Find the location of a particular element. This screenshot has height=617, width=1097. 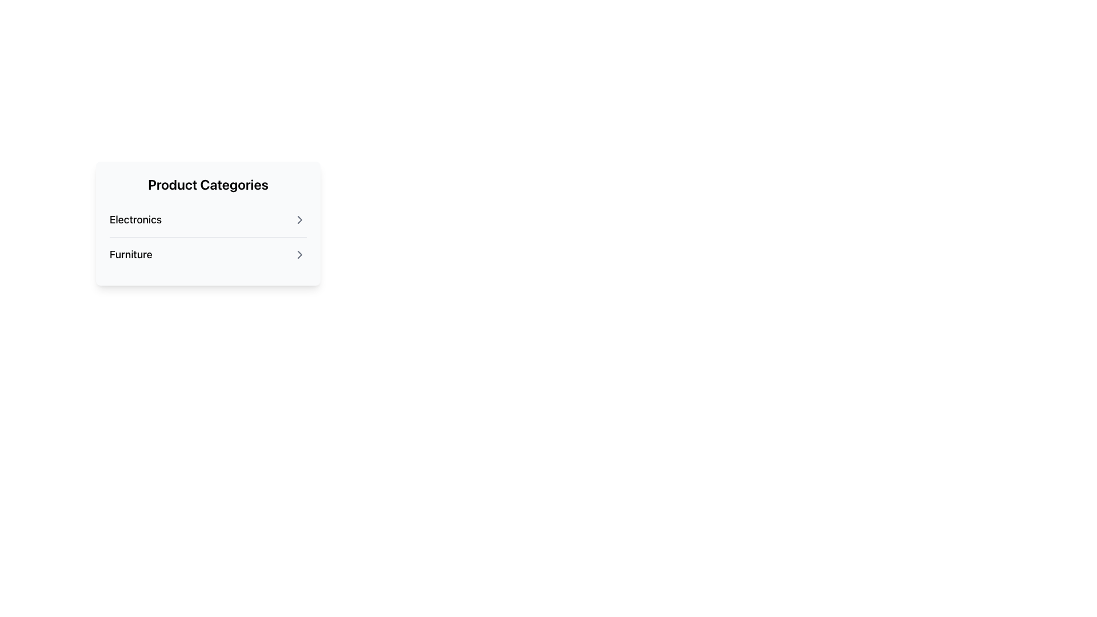

the right-pointing arrow-shaped icon adjacent to the 'Furniture' option in the 'Product Categories' card is located at coordinates (299, 254).